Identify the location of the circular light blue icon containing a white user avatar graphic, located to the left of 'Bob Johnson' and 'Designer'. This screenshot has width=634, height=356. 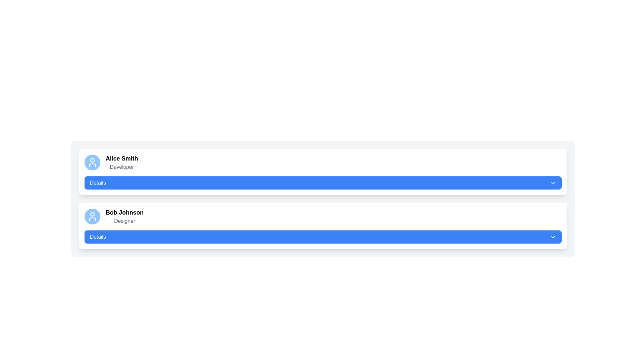
(92, 216).